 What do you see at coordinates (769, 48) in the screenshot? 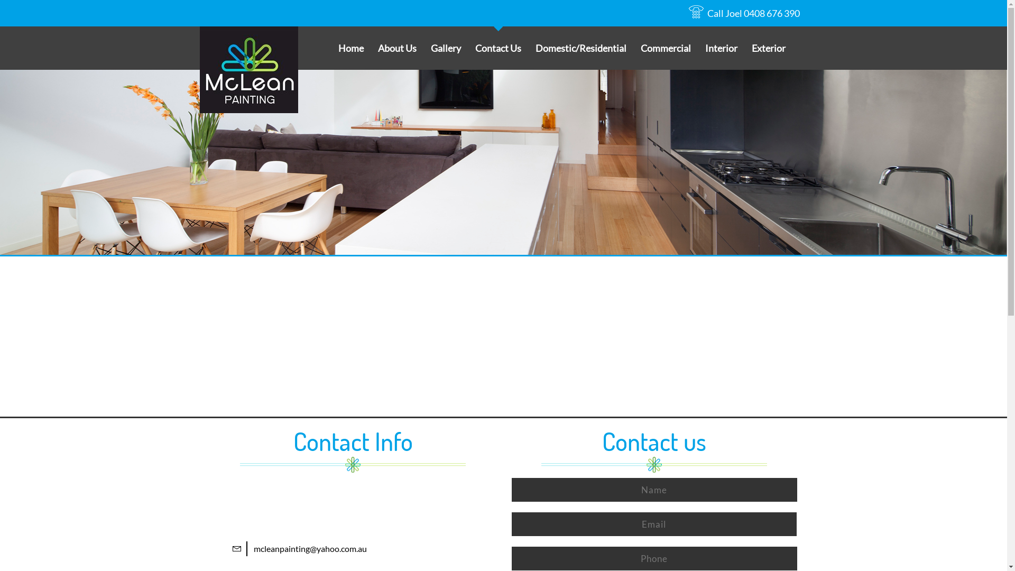
I see `'Exterior'` at bounding box center [769, 48].